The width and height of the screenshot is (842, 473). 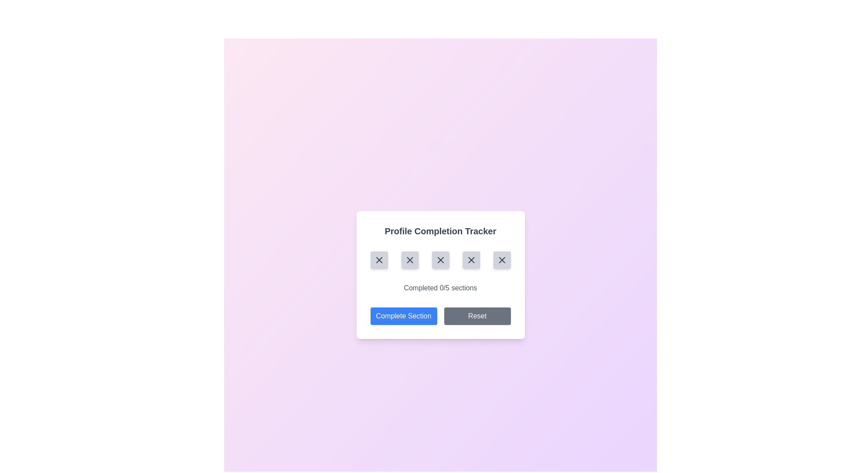 What do you see at coordinates (502, 260) in the screenshot?
I see `the fifth interactive button in the horizontal row, which indicates an incomplete section in the process` at bounding box center [502, 260].